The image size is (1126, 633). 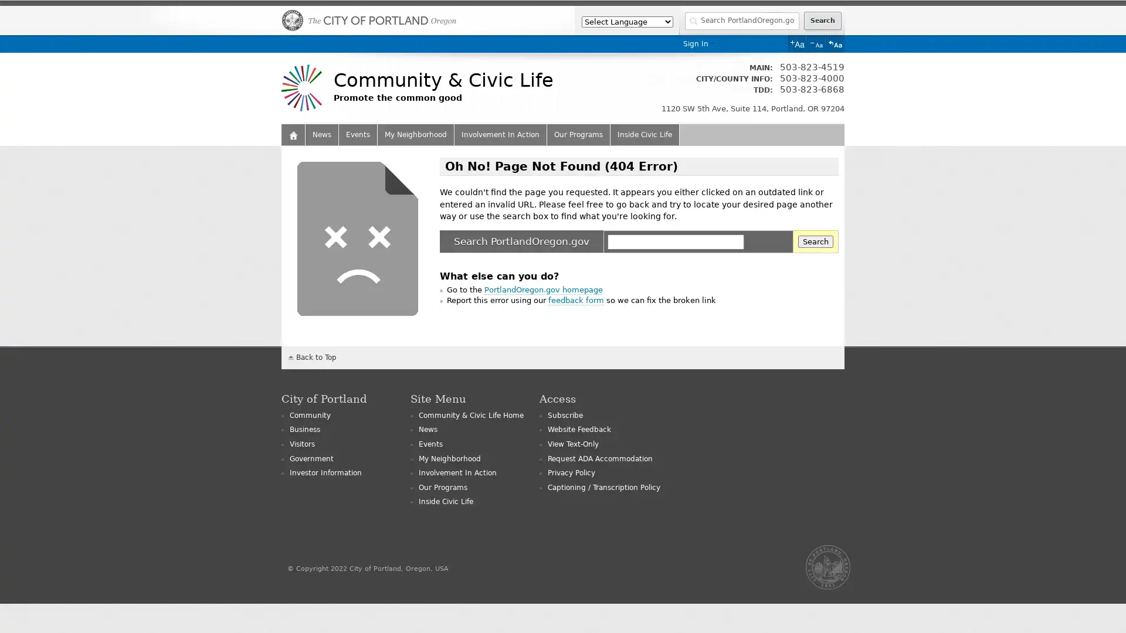 I want to click on Search, so click(x=815, y=241).